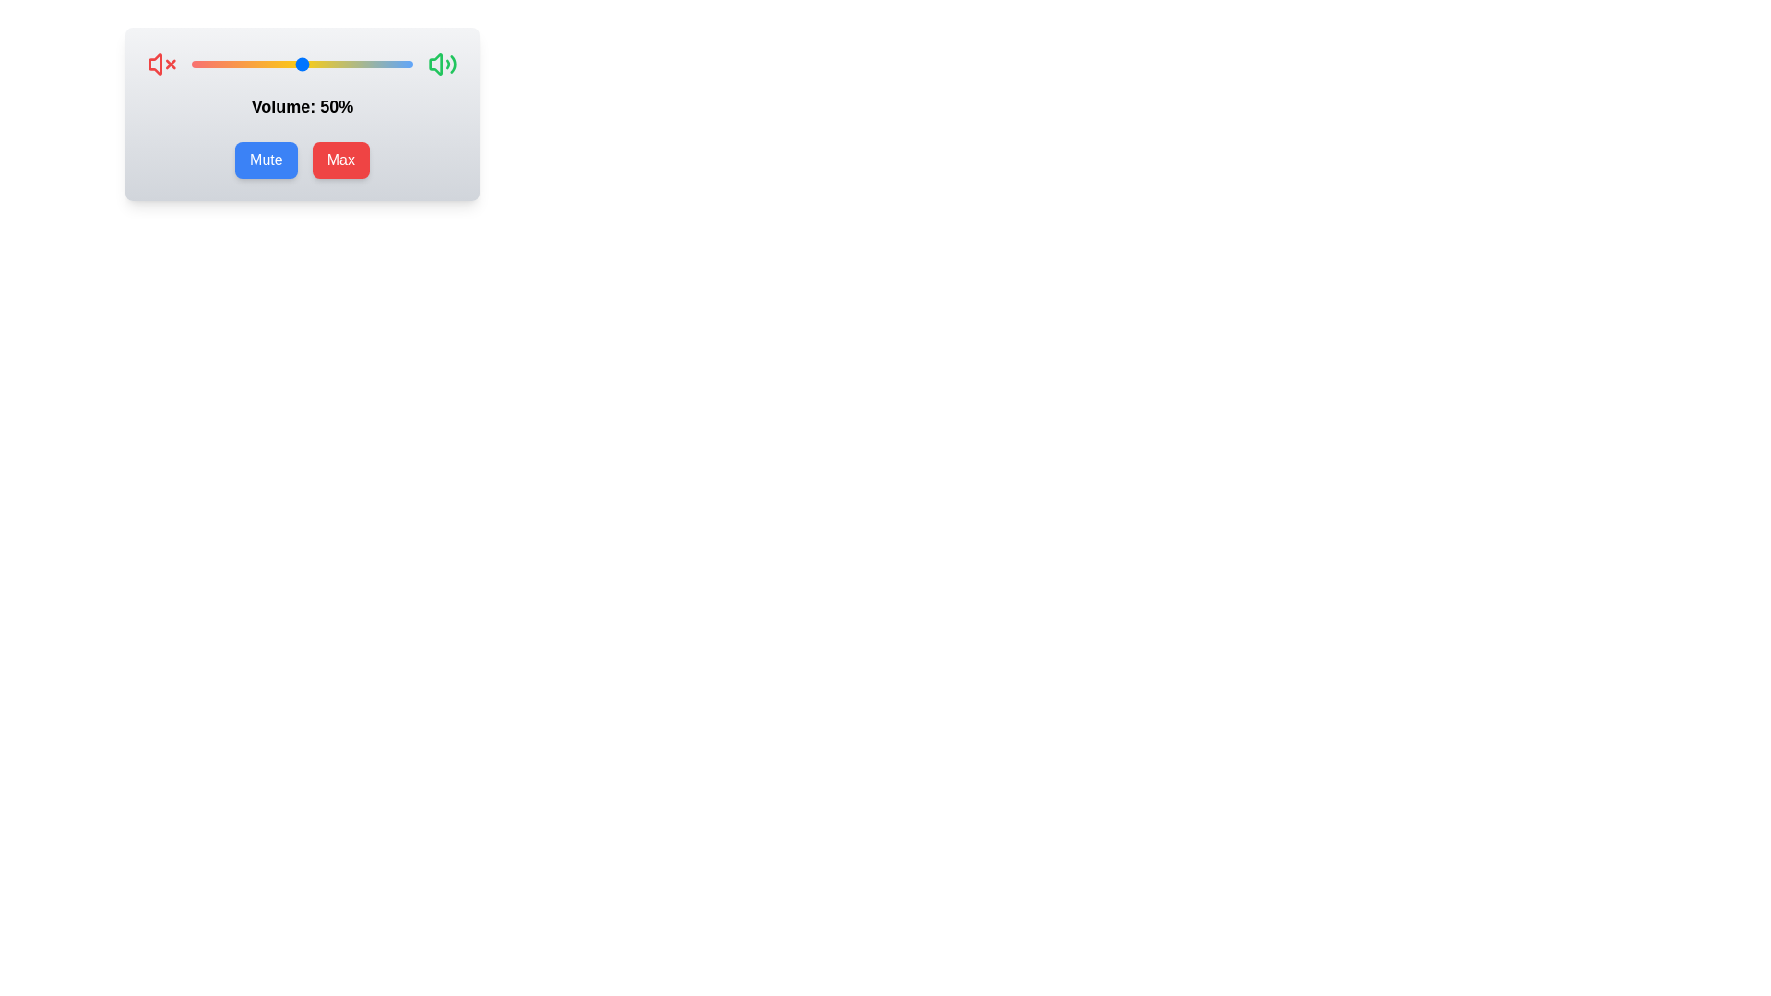  I want to click on the volume slider to 62% level, so click(328, 63).